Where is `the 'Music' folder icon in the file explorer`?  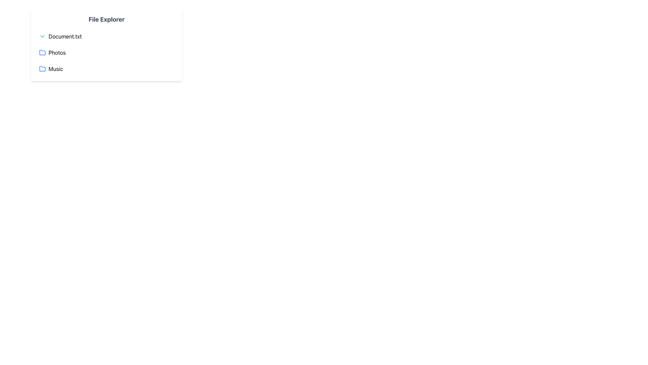 the 'Music' folder icon in the file explorer is located at coordinates (42, 69).